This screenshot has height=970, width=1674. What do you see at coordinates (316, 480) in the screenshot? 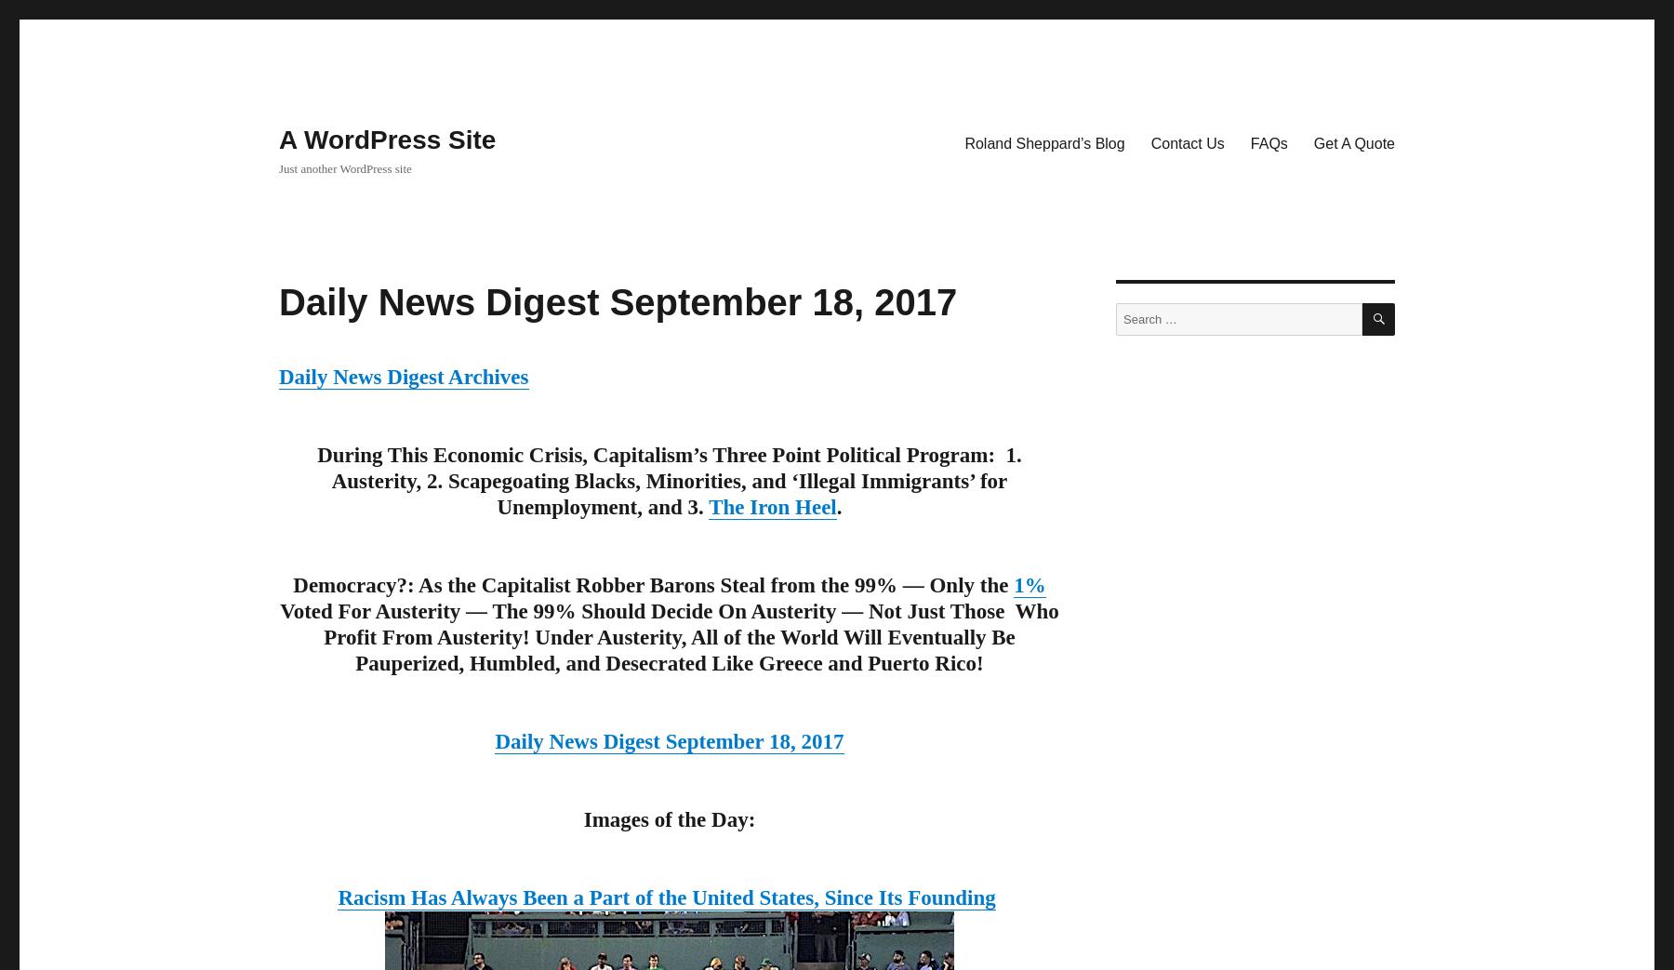
I see `'During This Economic Crisis, Capitalism’s Three Point Political Program:  1. Austerity, 2. Scapegoating Blacks, Minorities, and ‘Illegal Immigrants’ for Unemployment, and 3.'` at bounding box center [316, 480].